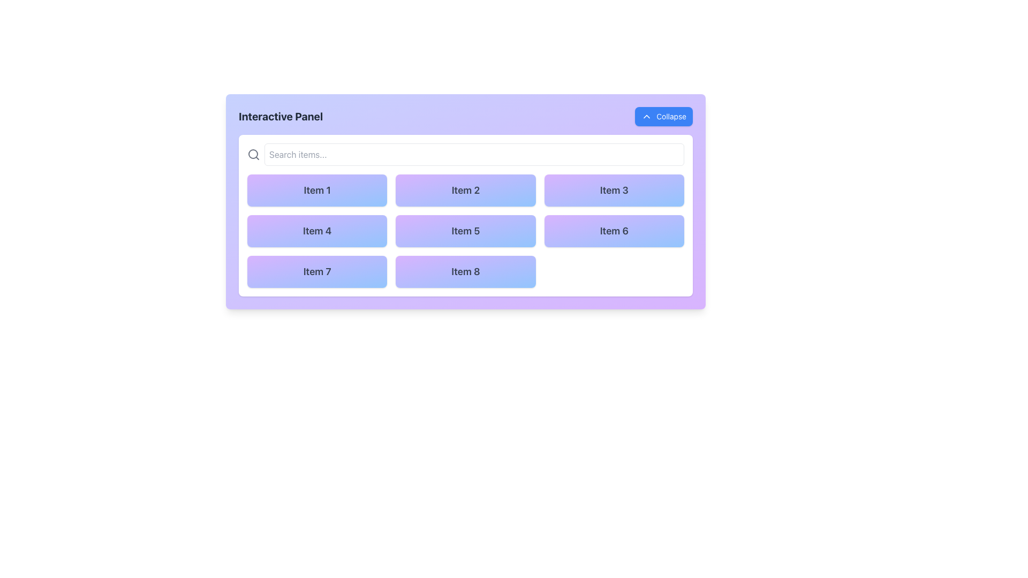 This screenshot has width=1028, height=578. I want to click on the 'Item 4' text label within the button component, which is the fourth item in a grid layout, centered in a card-like structure with a gradient background, so click(316, 230).